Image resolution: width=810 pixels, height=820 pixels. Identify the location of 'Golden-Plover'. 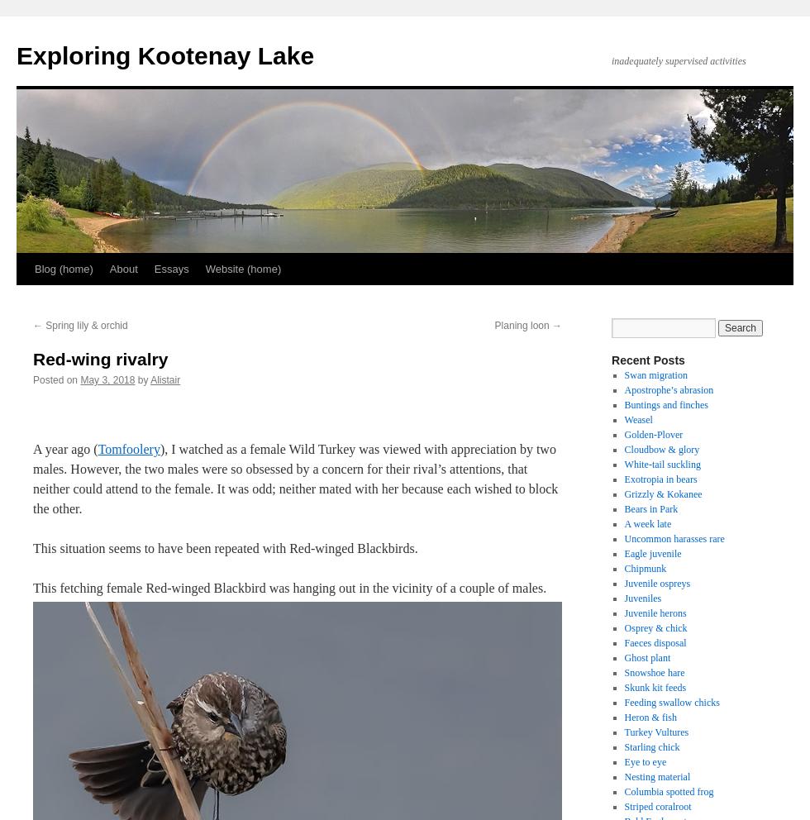
(653, 433).